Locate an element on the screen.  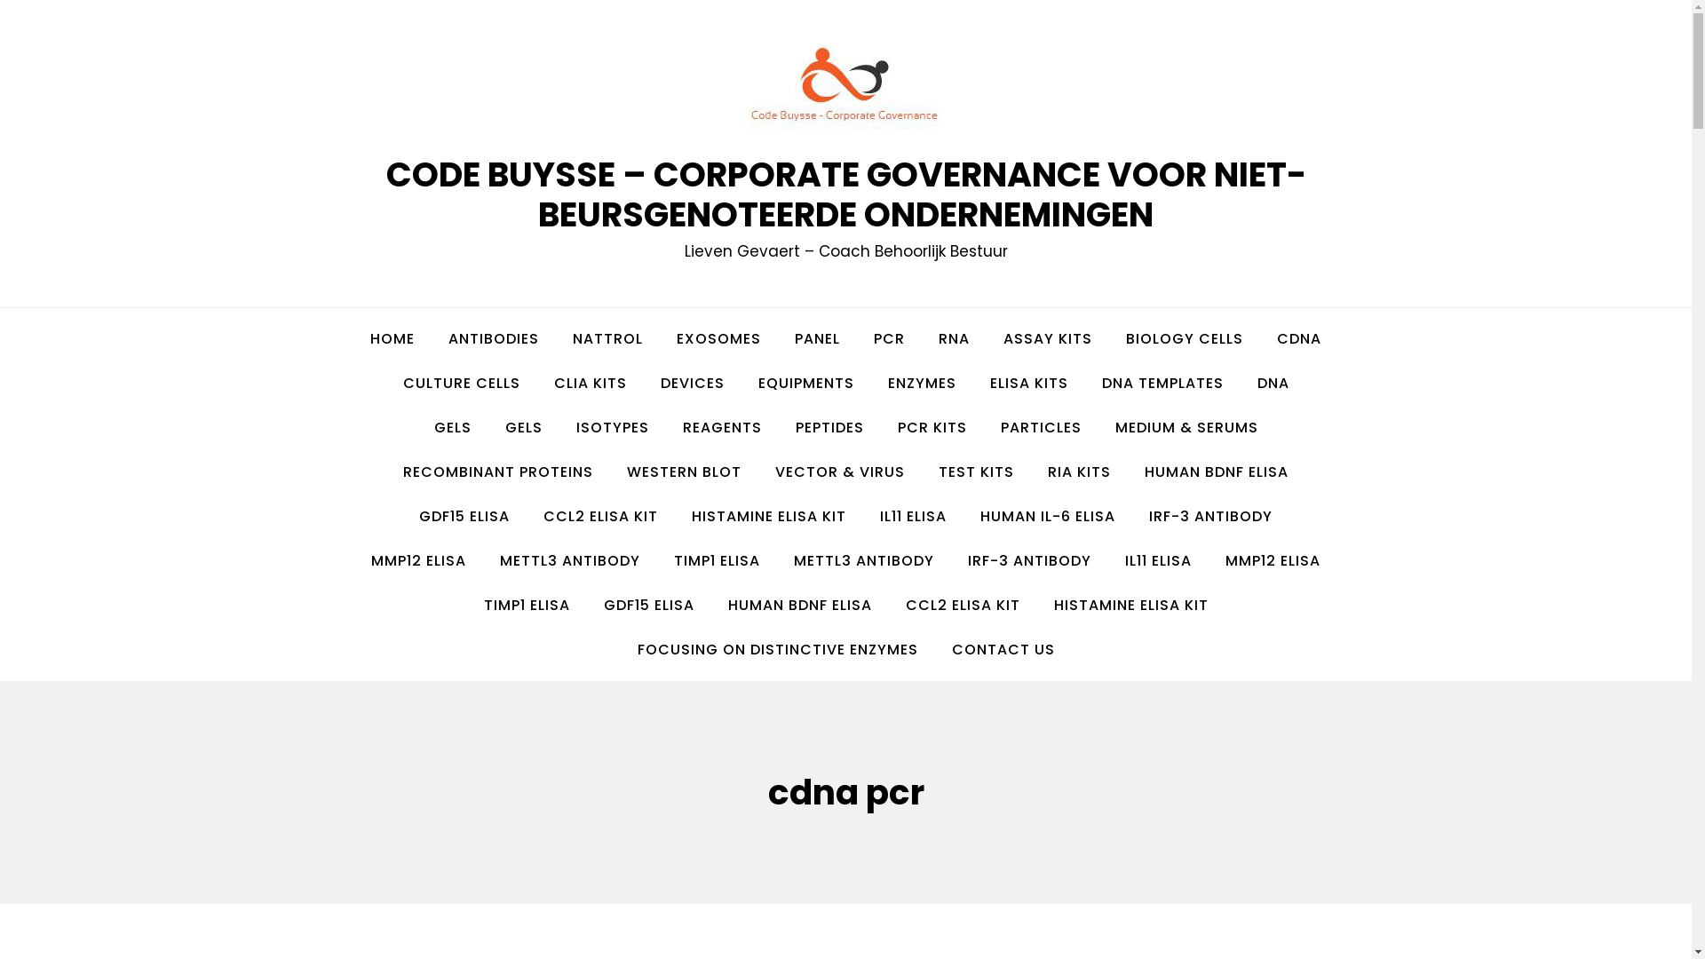
'MEDIUM & SERUMS' is located at coordinates (1098, 428).